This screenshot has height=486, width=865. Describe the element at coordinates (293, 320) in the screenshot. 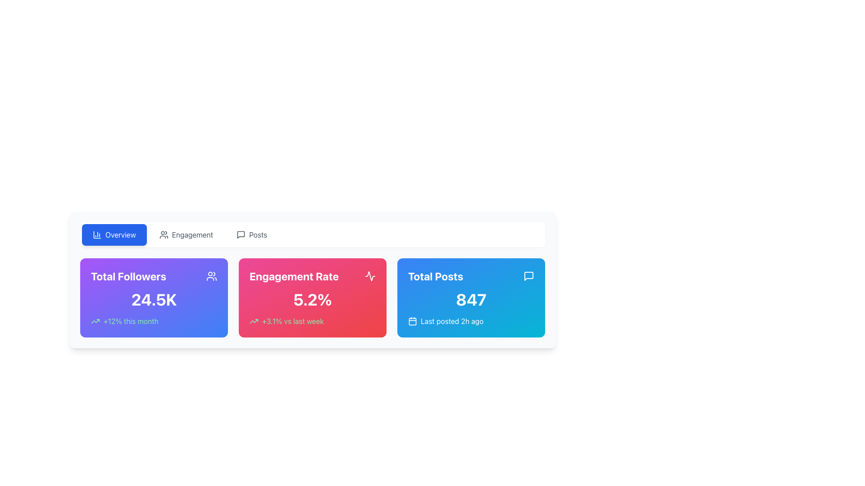

I see `the text label displaying '+3.1% vs last week', which is styled with a light green font on a pink background, located in the bottom section of the 'Engagement Rate' card` at that location.